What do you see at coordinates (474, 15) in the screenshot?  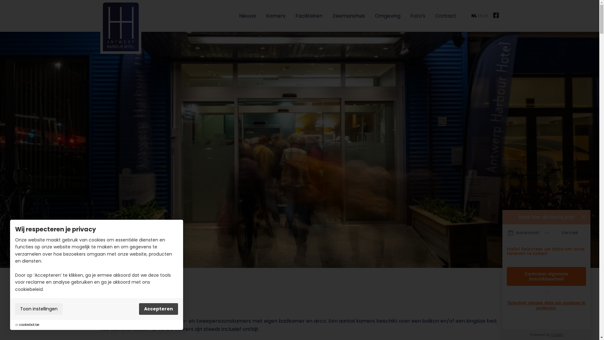 I see `'NL'` at bounding box center [474, 15].